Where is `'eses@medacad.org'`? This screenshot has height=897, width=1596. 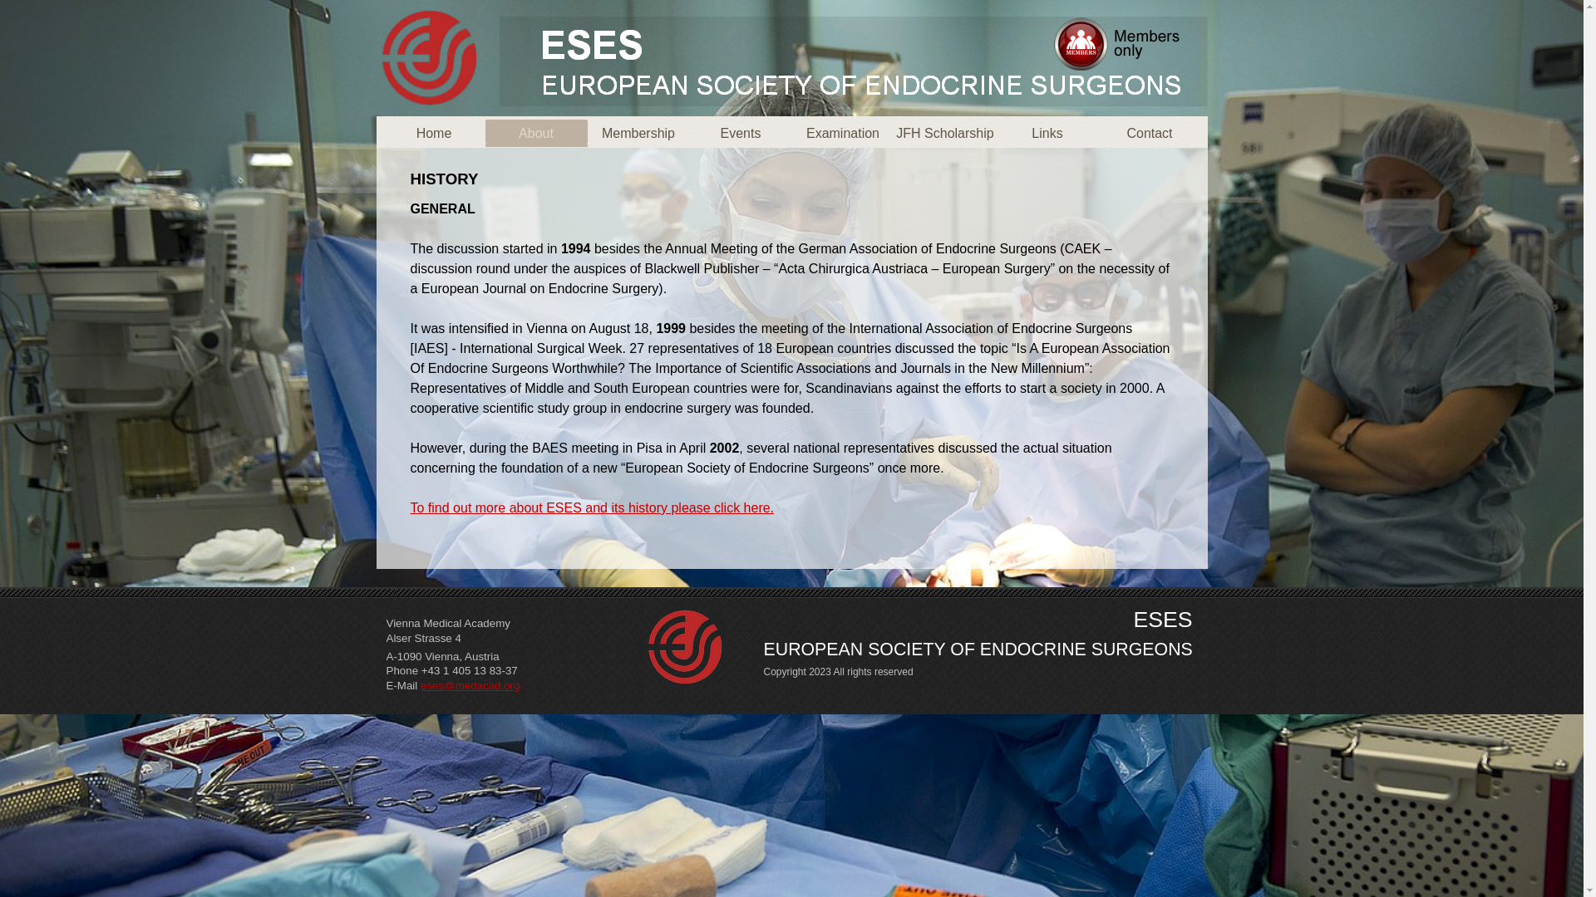 'eses@medacad.org' is located at coordinates (469, 685).